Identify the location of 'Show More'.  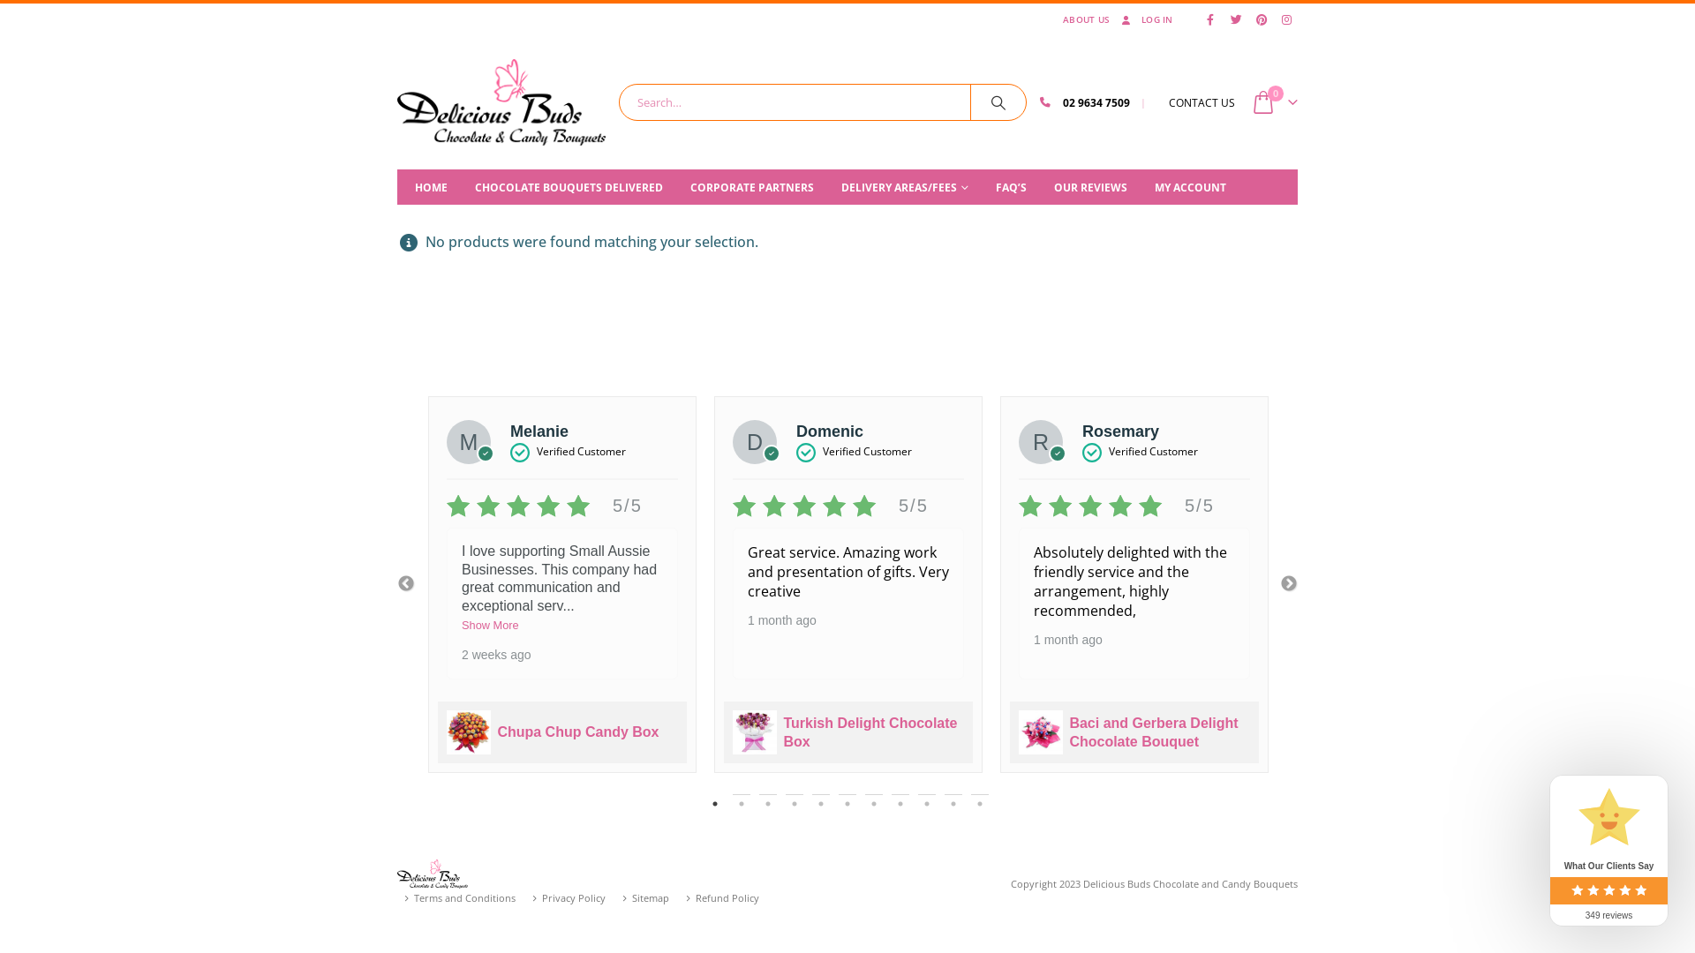
(490, 624).